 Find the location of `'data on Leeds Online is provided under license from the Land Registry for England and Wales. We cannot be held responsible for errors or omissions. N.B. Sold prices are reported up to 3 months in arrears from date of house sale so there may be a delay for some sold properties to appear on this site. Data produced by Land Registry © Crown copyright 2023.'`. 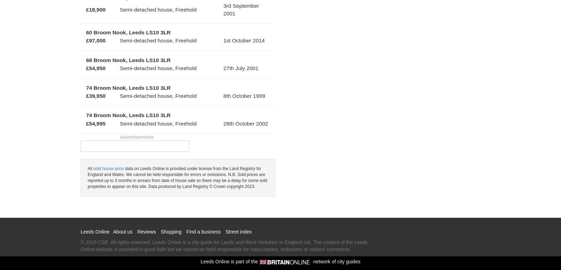

'data on Leeds Online is provided under license from the Land Registry for England and Wales. We cannot be held responsible for errors or omissions. N.B. Sold prices are reported up to 3 months in arrears from date of house sale so there may be a delay for some sold properties to appear on this site. Data produced by Land Registry © Crown copyright 2023.' is located at coordinates (177, 177).